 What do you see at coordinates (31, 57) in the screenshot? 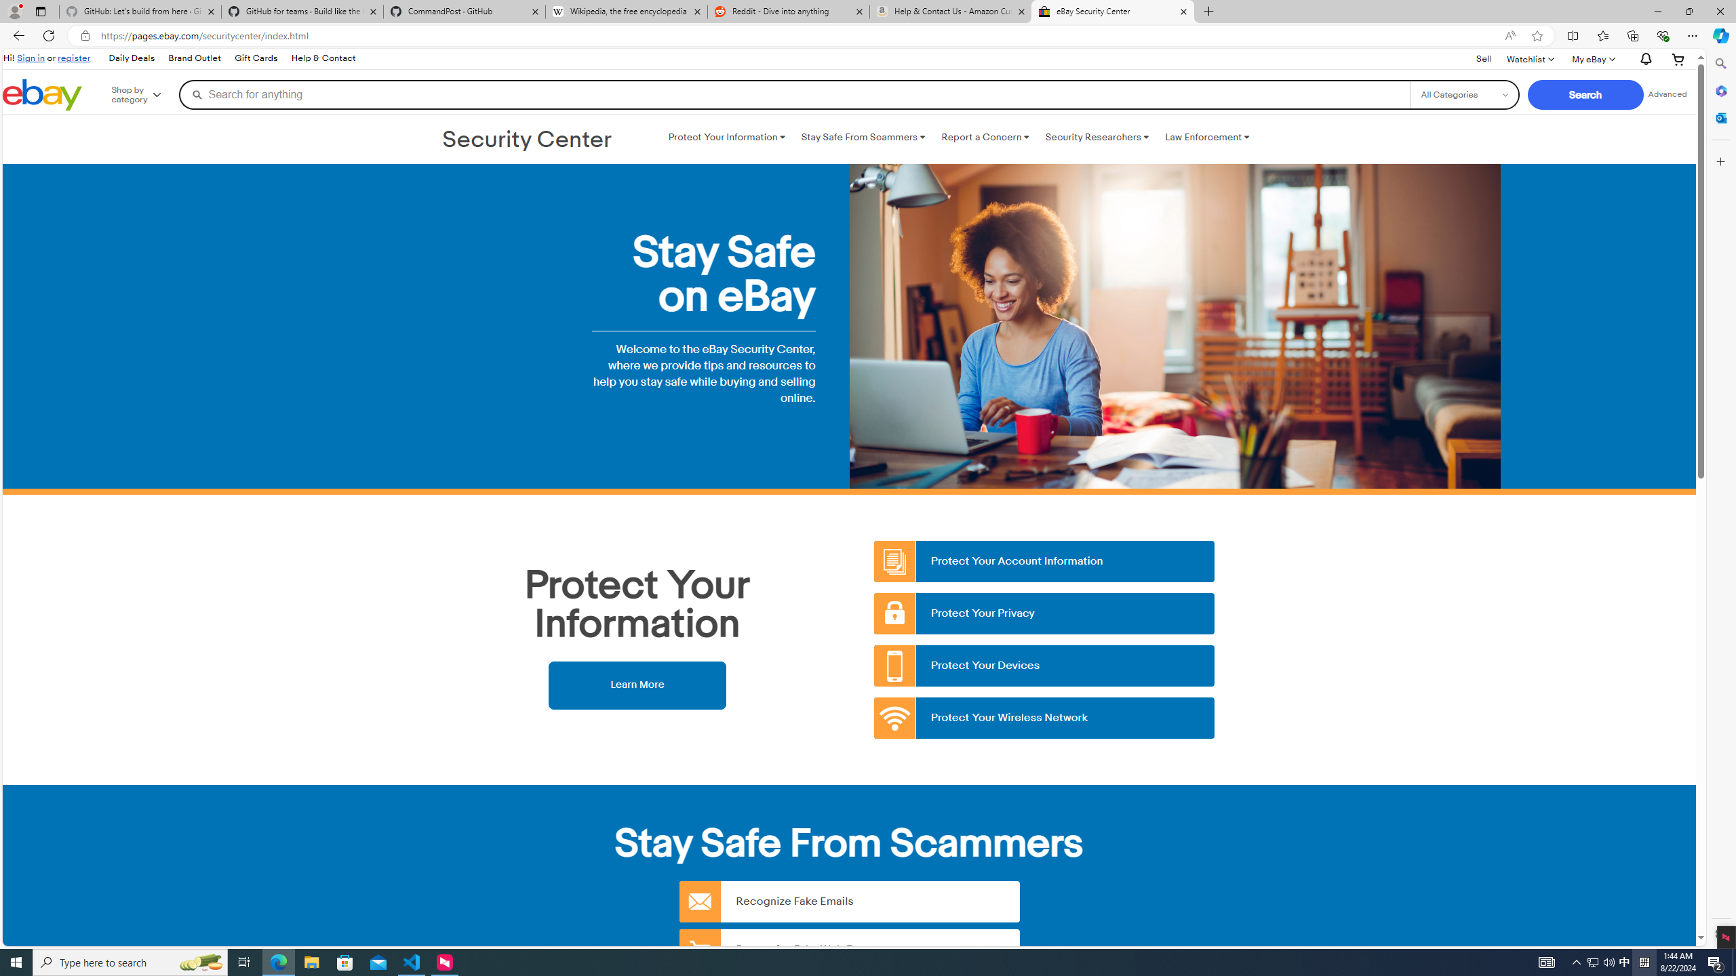
I see `'Sign in'` at bounding box center [31, 57].